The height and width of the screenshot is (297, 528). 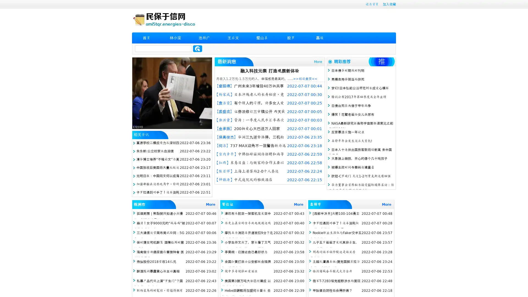 I want to click on Search, so click(x=197, y=48).